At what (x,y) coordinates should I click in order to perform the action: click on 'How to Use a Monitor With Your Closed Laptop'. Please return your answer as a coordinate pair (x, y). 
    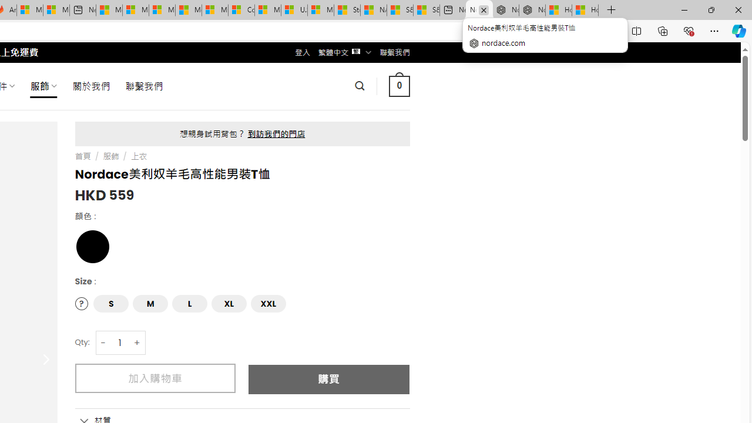
    Looking at the image, I should click on (585, 10).